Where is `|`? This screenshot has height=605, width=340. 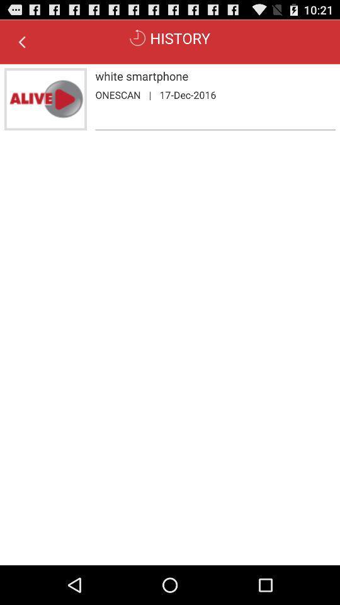
| is located at coordinates (150, 94).